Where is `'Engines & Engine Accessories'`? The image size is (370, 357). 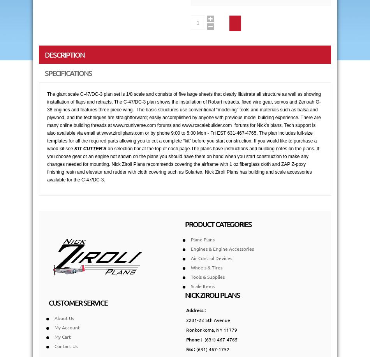 'Engines & Engine Accessories' is located at coordinates (222, 248).